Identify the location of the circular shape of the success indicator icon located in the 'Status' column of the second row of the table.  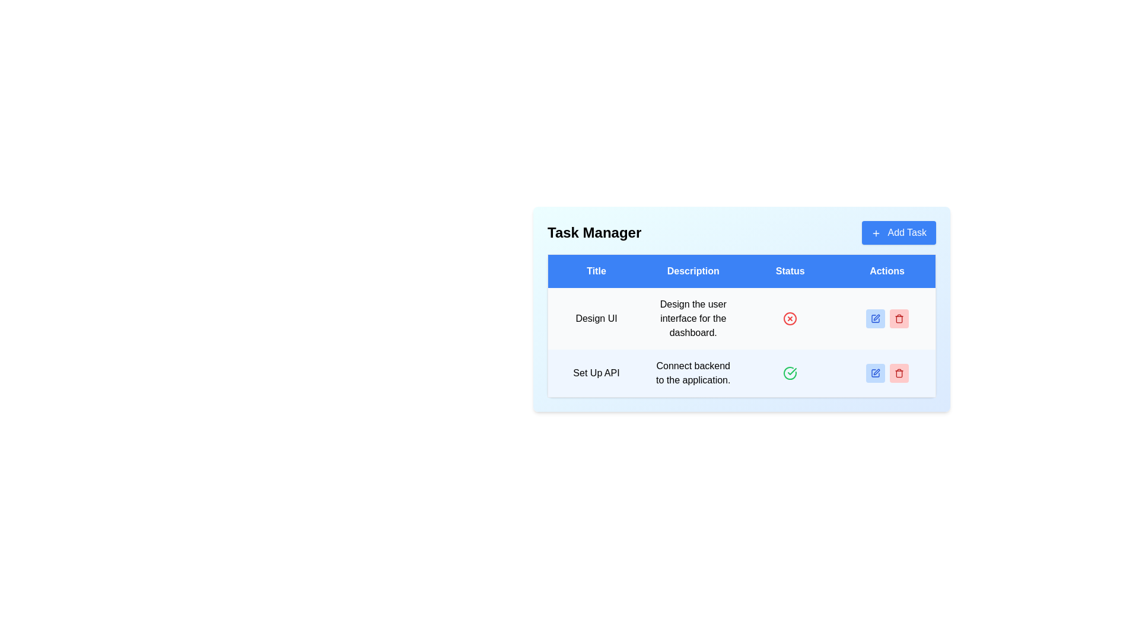
(790, 373).